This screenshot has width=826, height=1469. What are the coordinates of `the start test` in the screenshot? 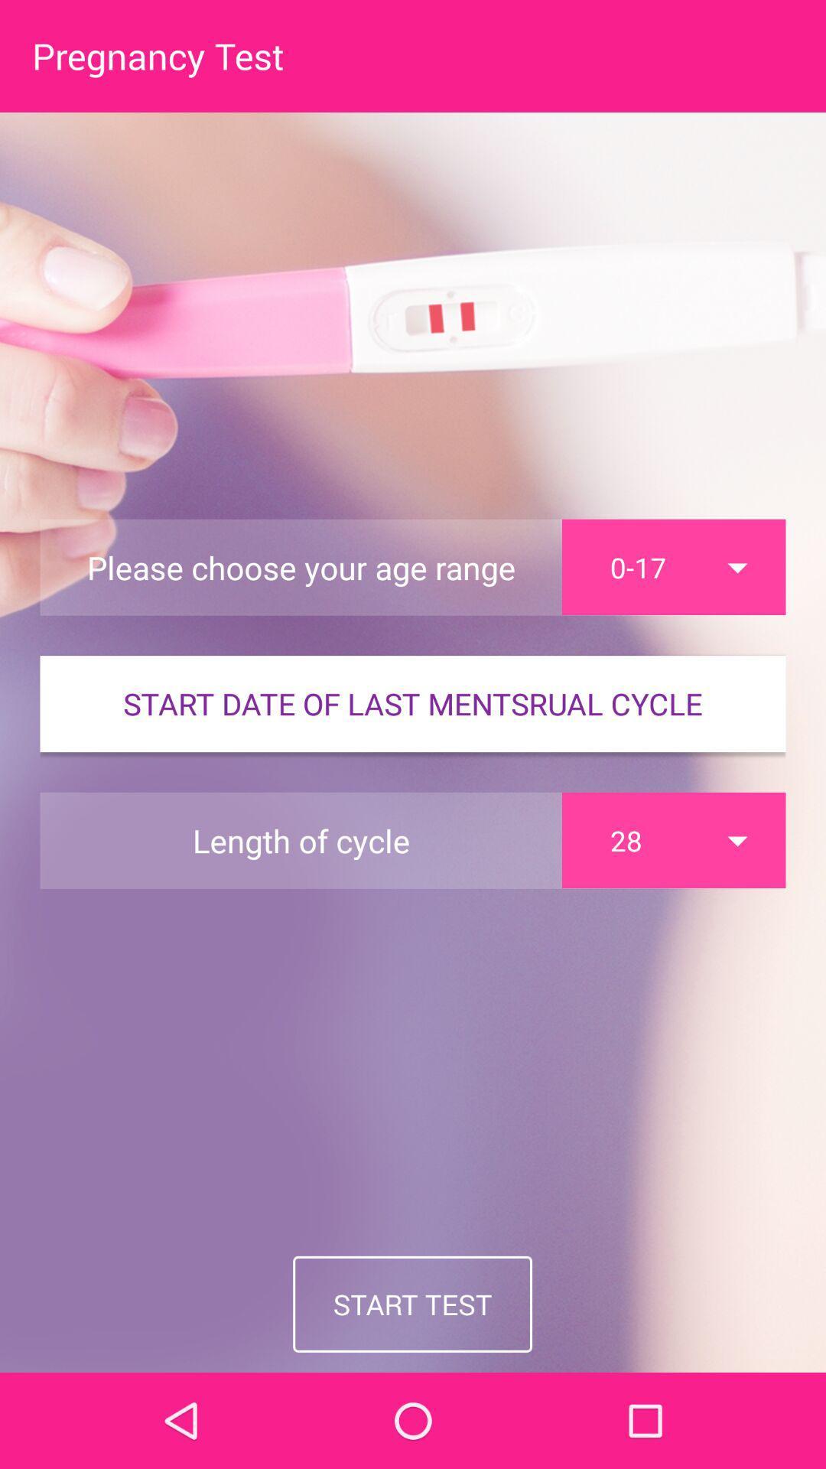 It's located at (411, 1303).